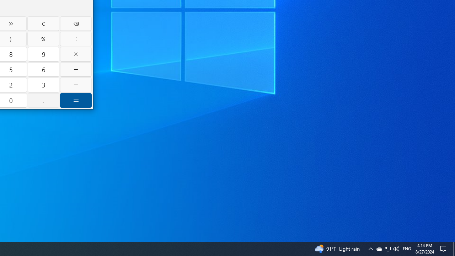 The width and height of the screenshot is (455, 256). I want to click on 'Six', so click(43, 69).